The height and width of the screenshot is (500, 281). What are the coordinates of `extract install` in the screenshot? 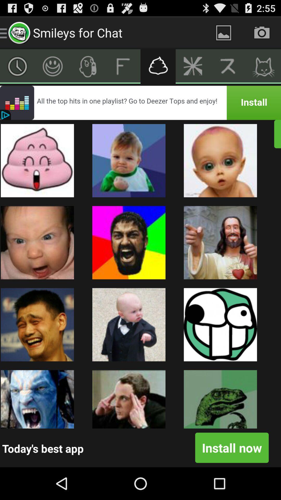 It's located at (263, 66).